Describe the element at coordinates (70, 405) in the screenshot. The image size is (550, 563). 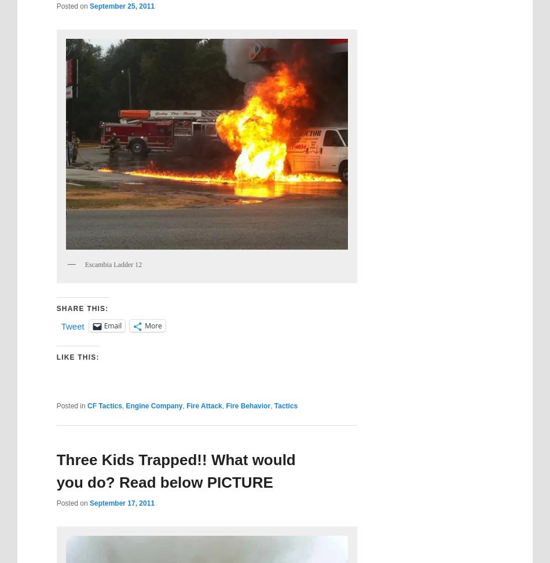
I see `'Posted in'` at that location.